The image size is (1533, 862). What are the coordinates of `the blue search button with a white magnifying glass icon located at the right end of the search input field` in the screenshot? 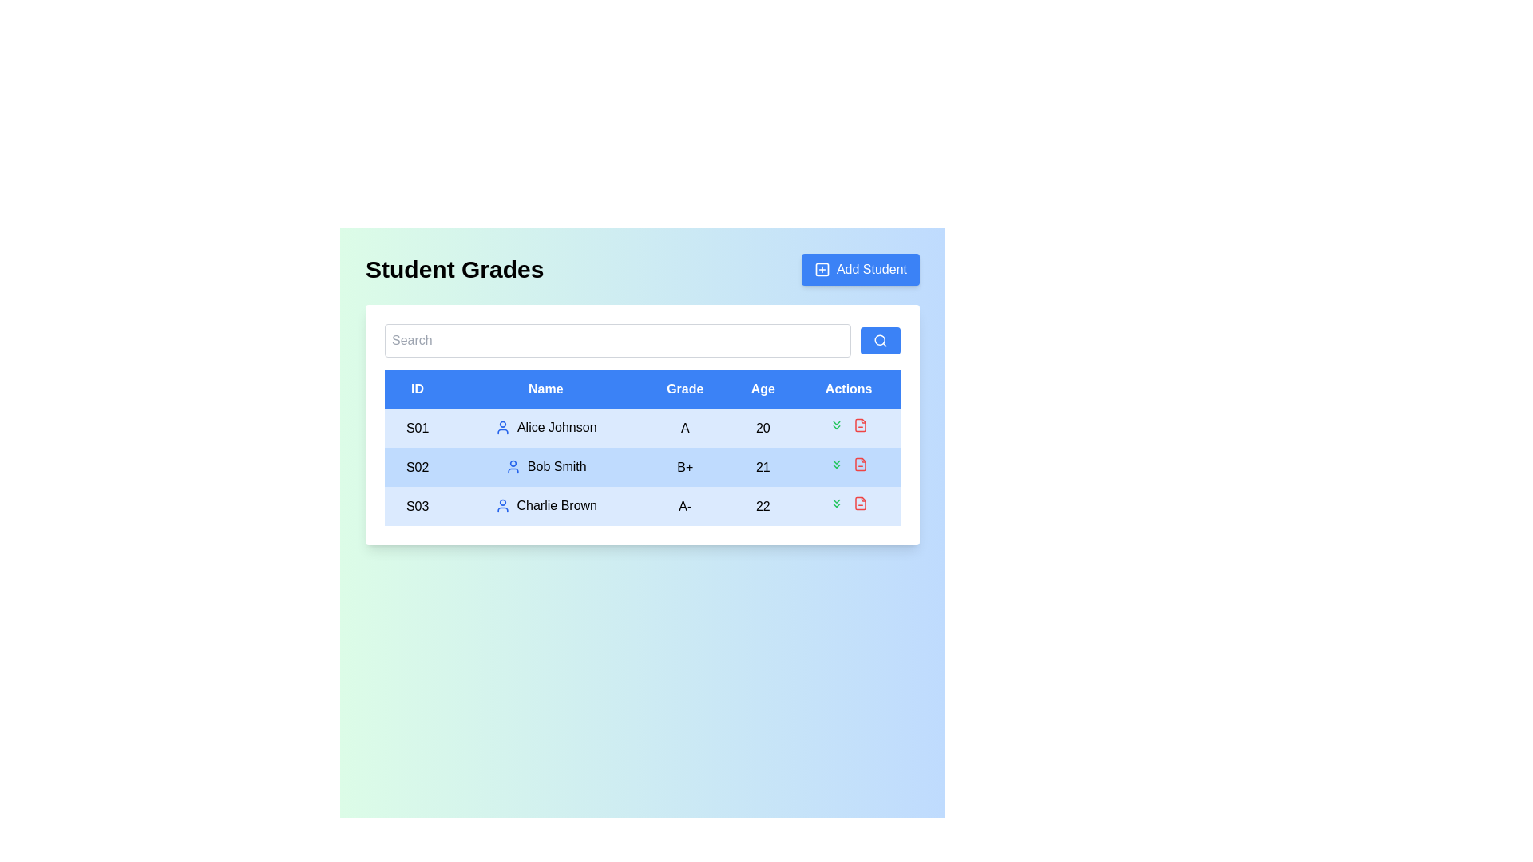 It's located at (880, 340).